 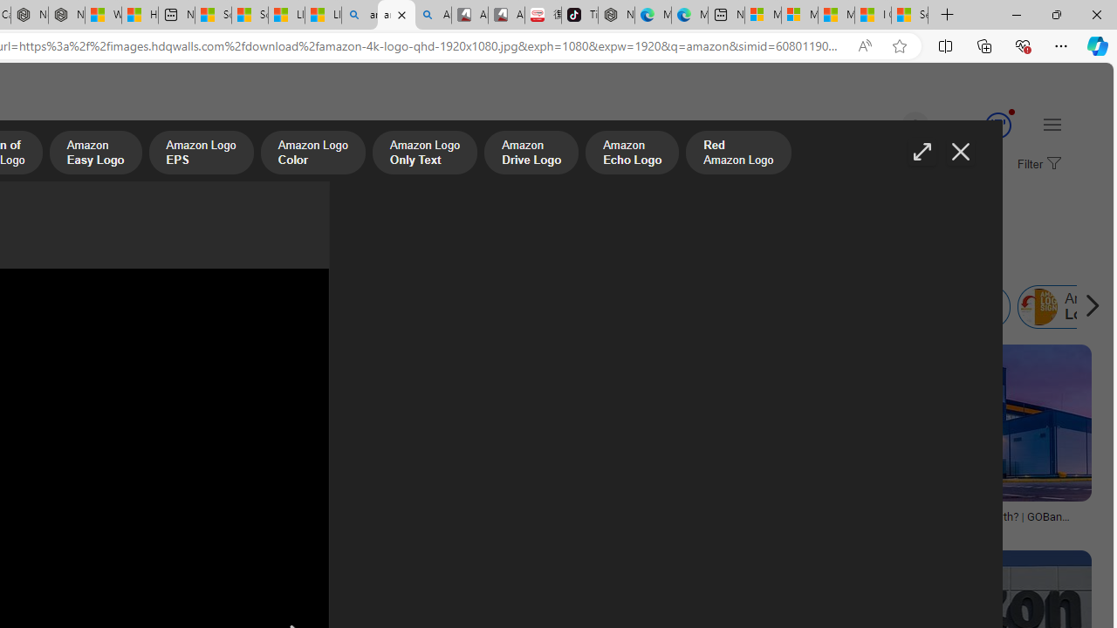 What do you see at coordinates (1051, 123) in the screenshot?
I see `'Settings and quick links'` at bounding box center [1051, 123].